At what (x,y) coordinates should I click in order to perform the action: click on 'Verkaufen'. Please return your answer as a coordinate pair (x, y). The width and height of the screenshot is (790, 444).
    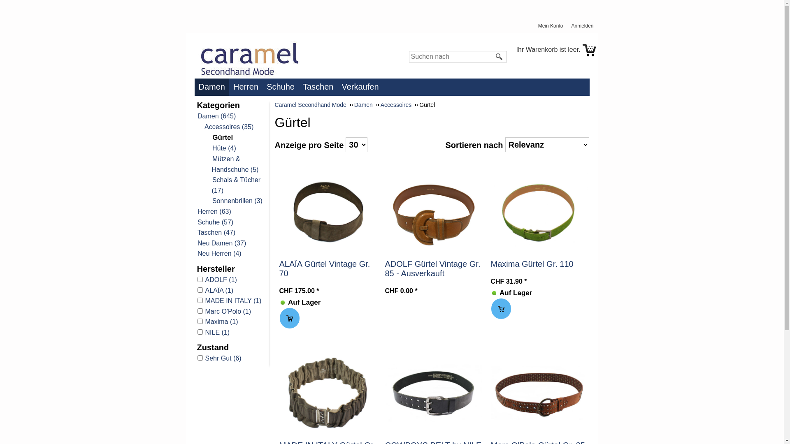
    Looking at the image, I should click on (362, 86).